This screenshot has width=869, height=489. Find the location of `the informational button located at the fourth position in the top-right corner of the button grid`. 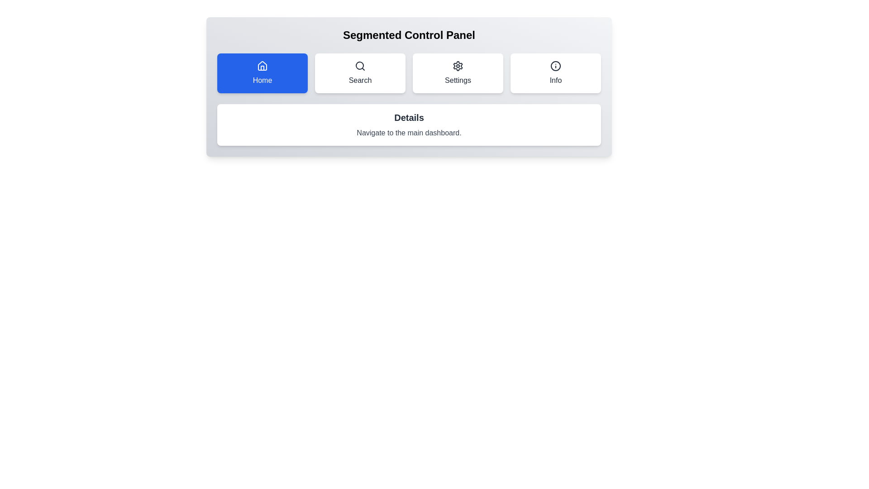

the informational button located at the fourth position in the top-right corner of the button grid is located at coordinates (555, 73).